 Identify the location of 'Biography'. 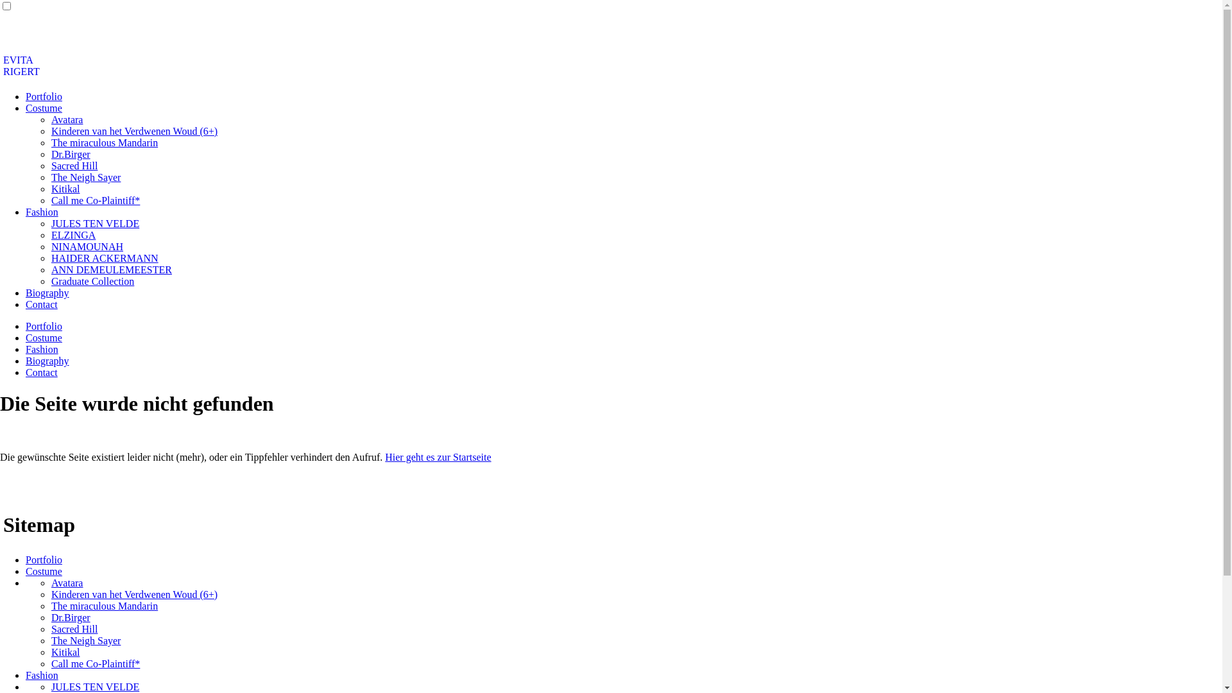
(47, 361).